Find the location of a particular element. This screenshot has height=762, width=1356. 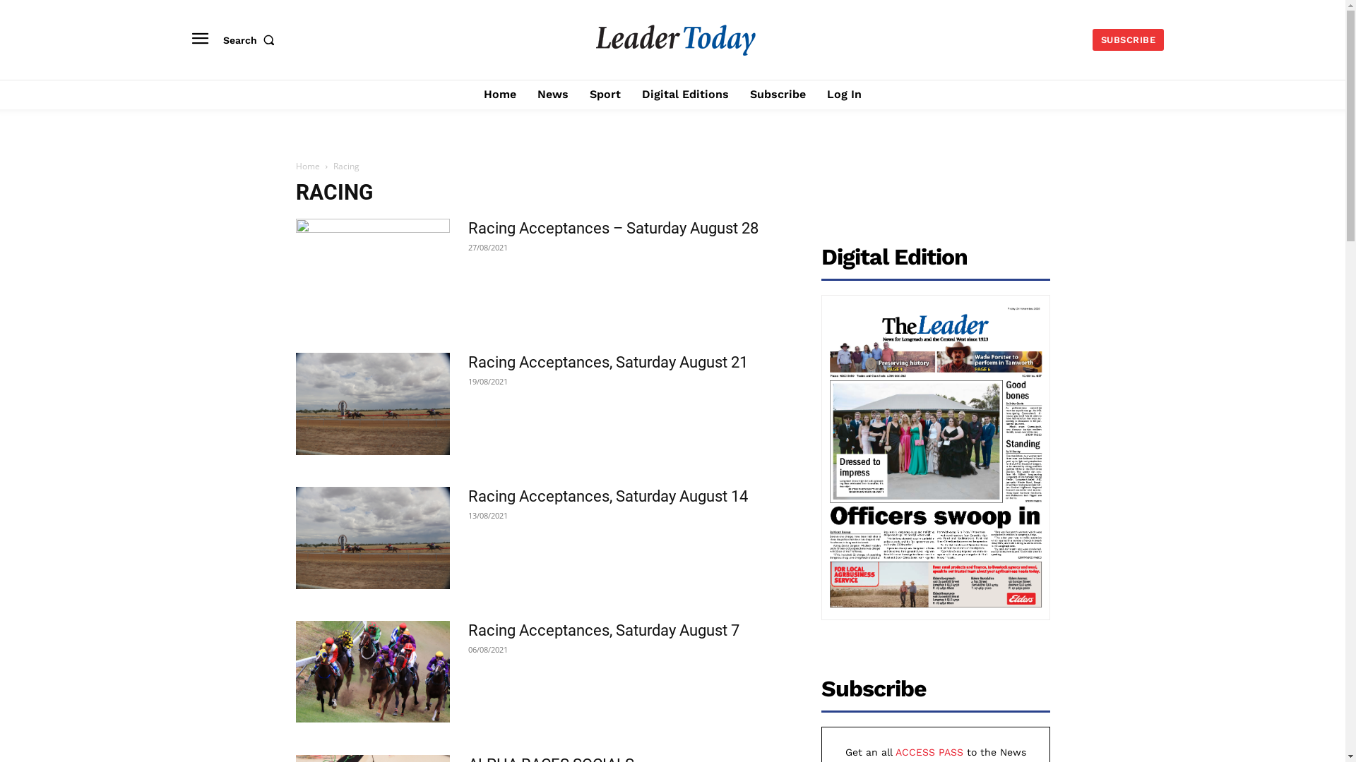

'Racing Acceptances, Saturday August 21' is located at coordinates (607, 361).